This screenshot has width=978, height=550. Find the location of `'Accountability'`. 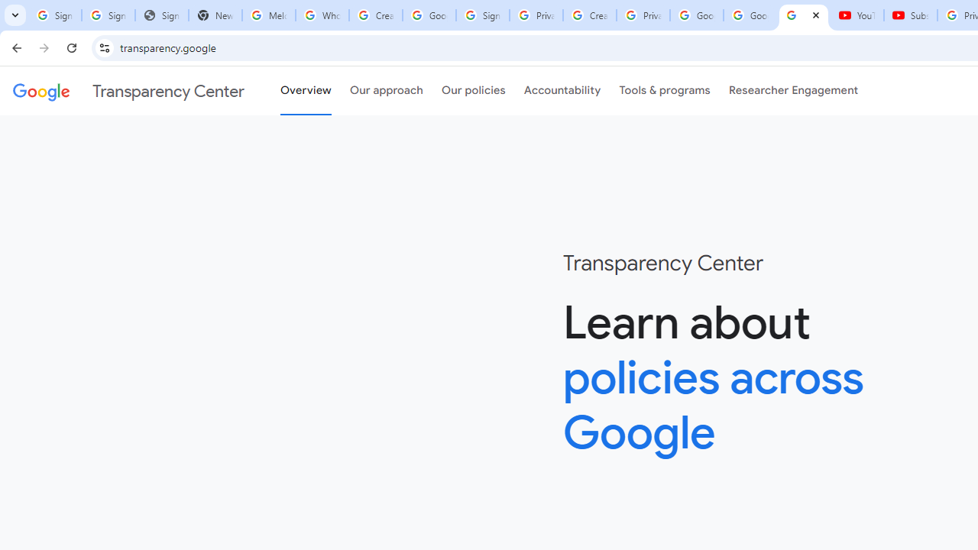

'Accountability' is located at coordinates (562, 91).